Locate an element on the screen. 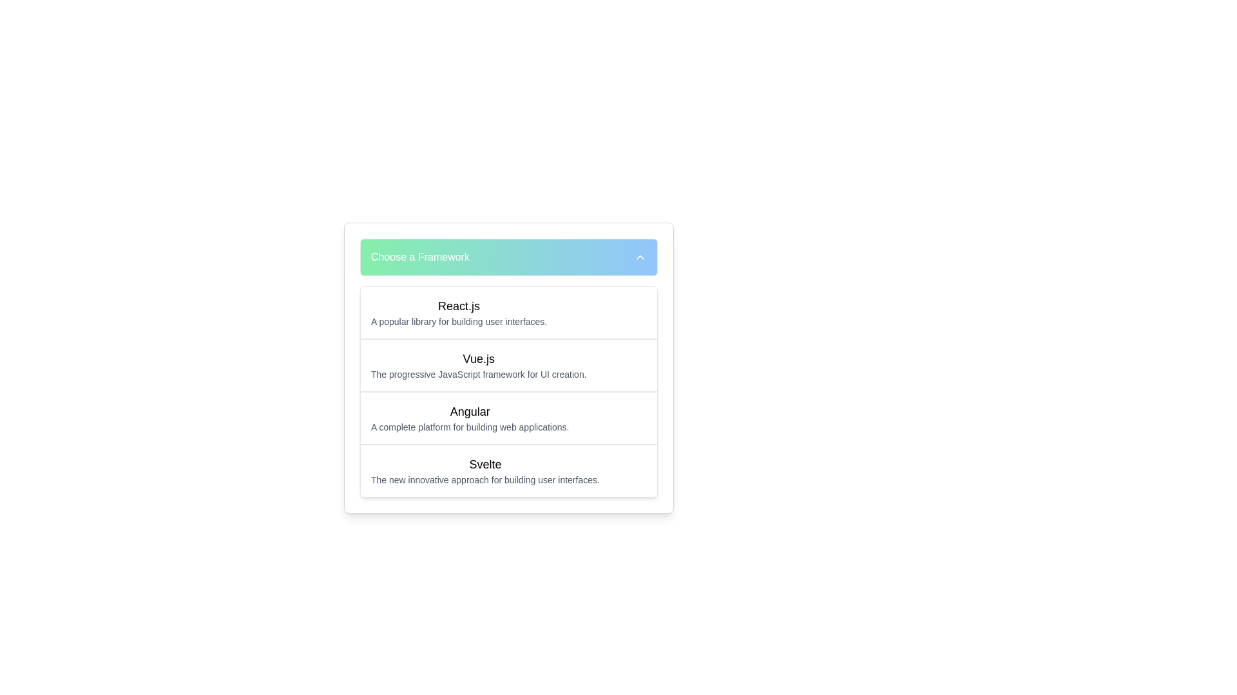 This screenshot has width=1237, height=695. information from the text block element titled 'Svelte', which includes the title in bold and the description below it is located at coordinates (484, 471).